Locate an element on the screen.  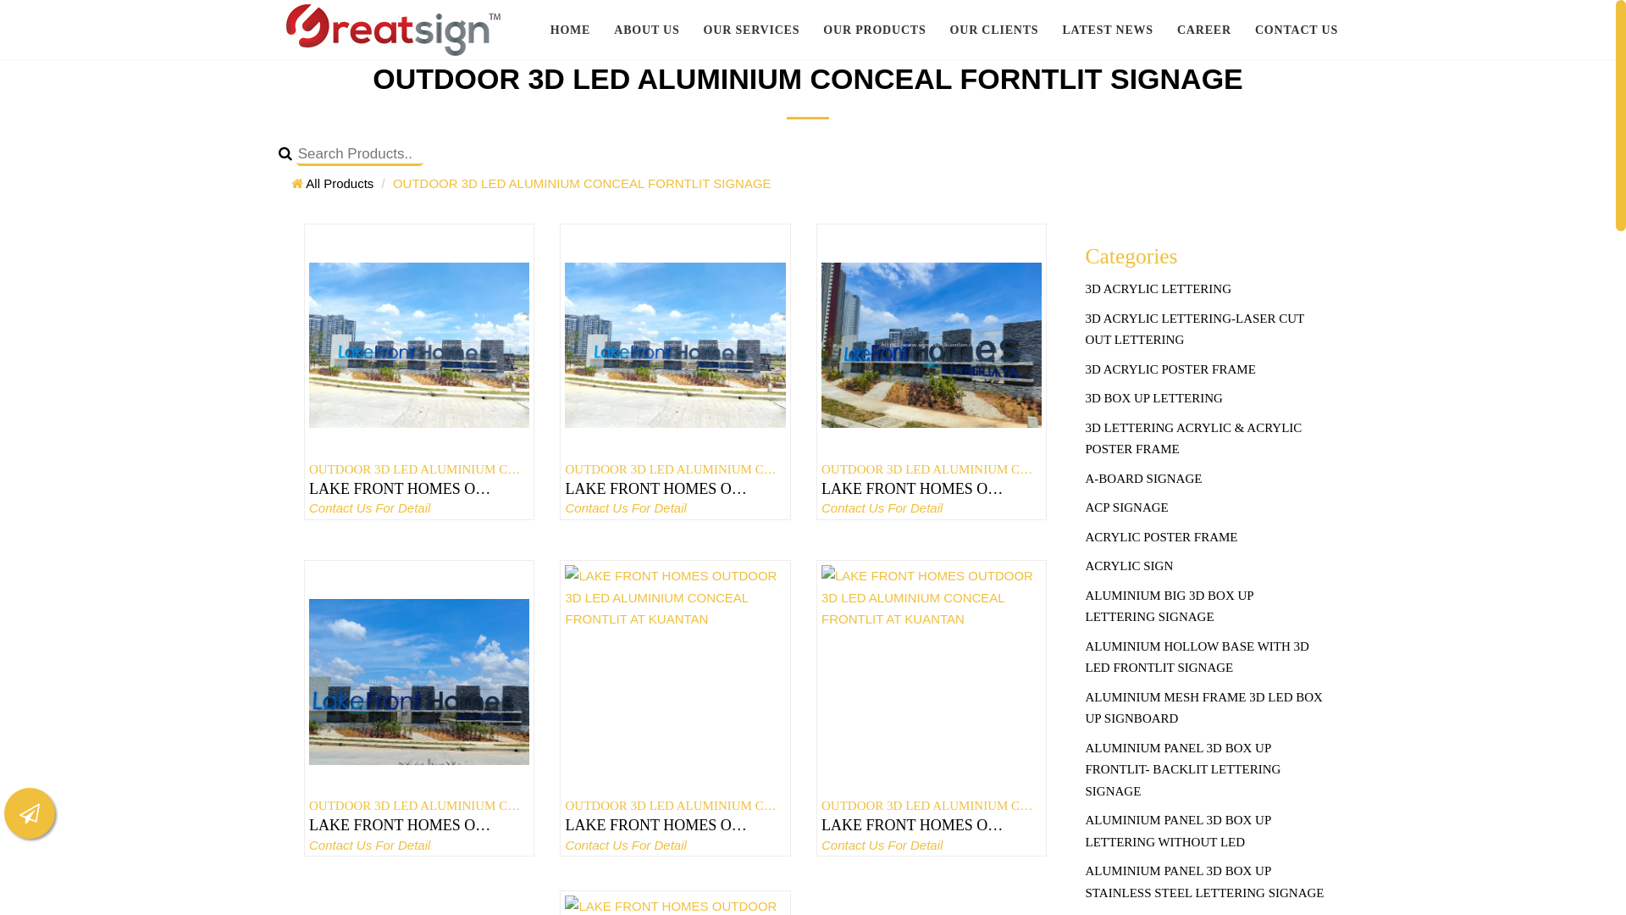
'OUR CLIENTS' is located at coordinates (937, 30).